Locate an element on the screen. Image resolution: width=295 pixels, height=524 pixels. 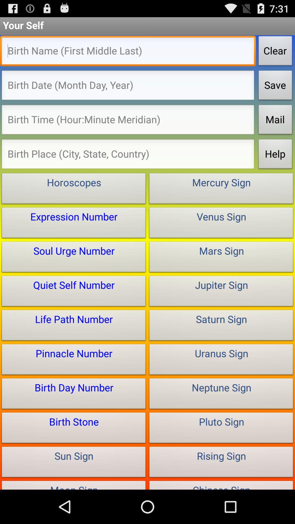
birth place is located at coordinates (128, 155).